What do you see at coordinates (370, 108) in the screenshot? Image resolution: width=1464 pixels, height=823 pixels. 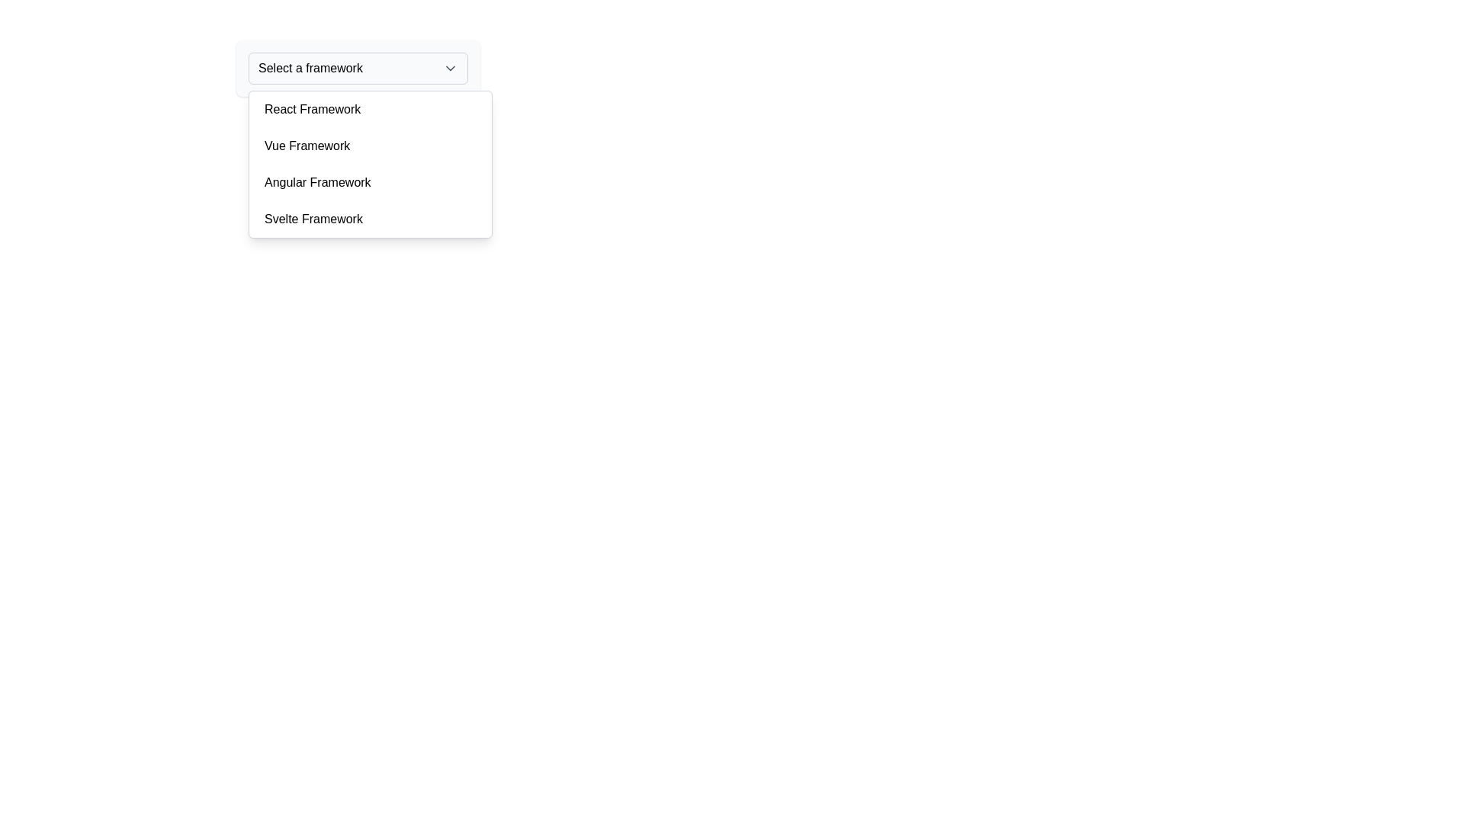 I see `the first item in the drop-down menu labeled 'React Framework'` at bounding box center [370, 108].